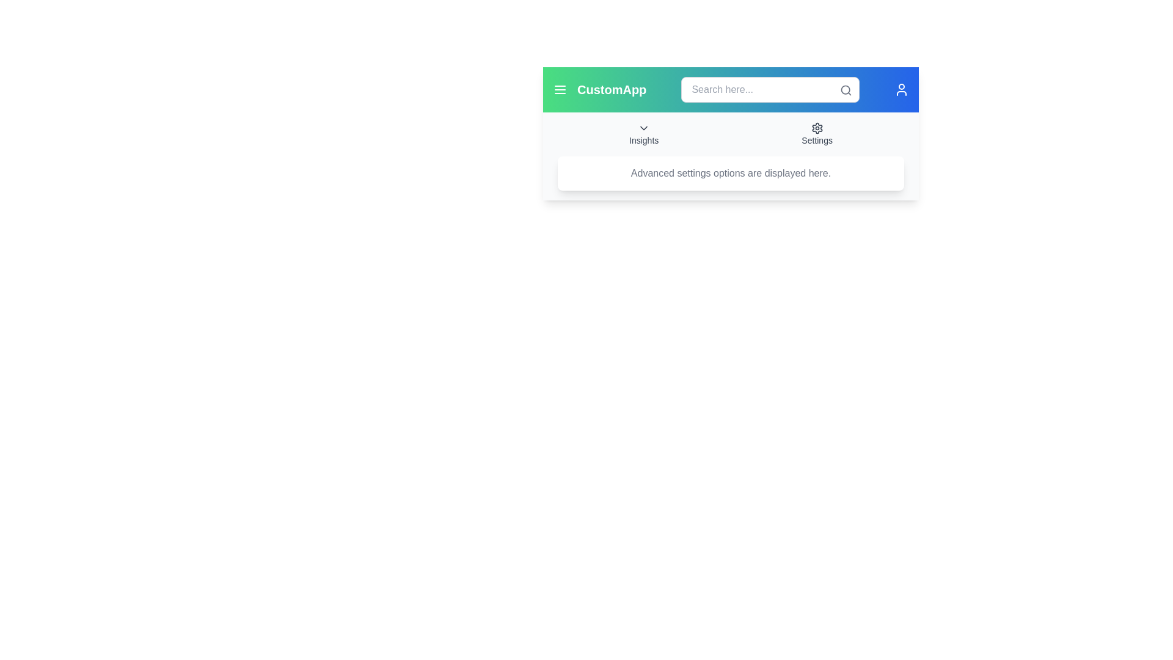 This screenshot has height=660, width=1173. What do you see at coordinates (817, 140) in the screenshot?
I see `the text label that serves as a label for the settings menu, located beneath the settings cogwheel icon in the top-right section of the interface` at bounding box center [817, 140].